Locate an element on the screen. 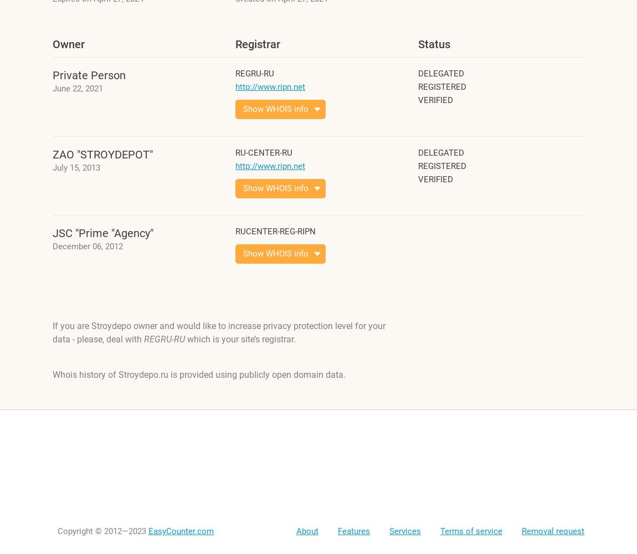 This screenshot has width=637, height=554. 'Services' is located at coordinates (404, 531).